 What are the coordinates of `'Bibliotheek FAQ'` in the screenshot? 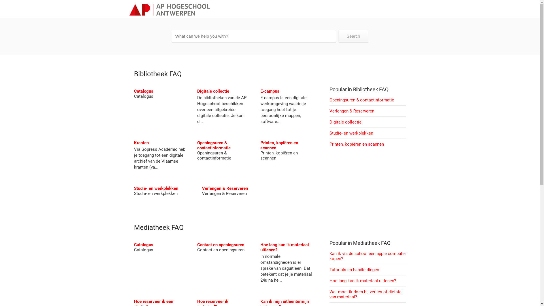 It's located at (158, 74).